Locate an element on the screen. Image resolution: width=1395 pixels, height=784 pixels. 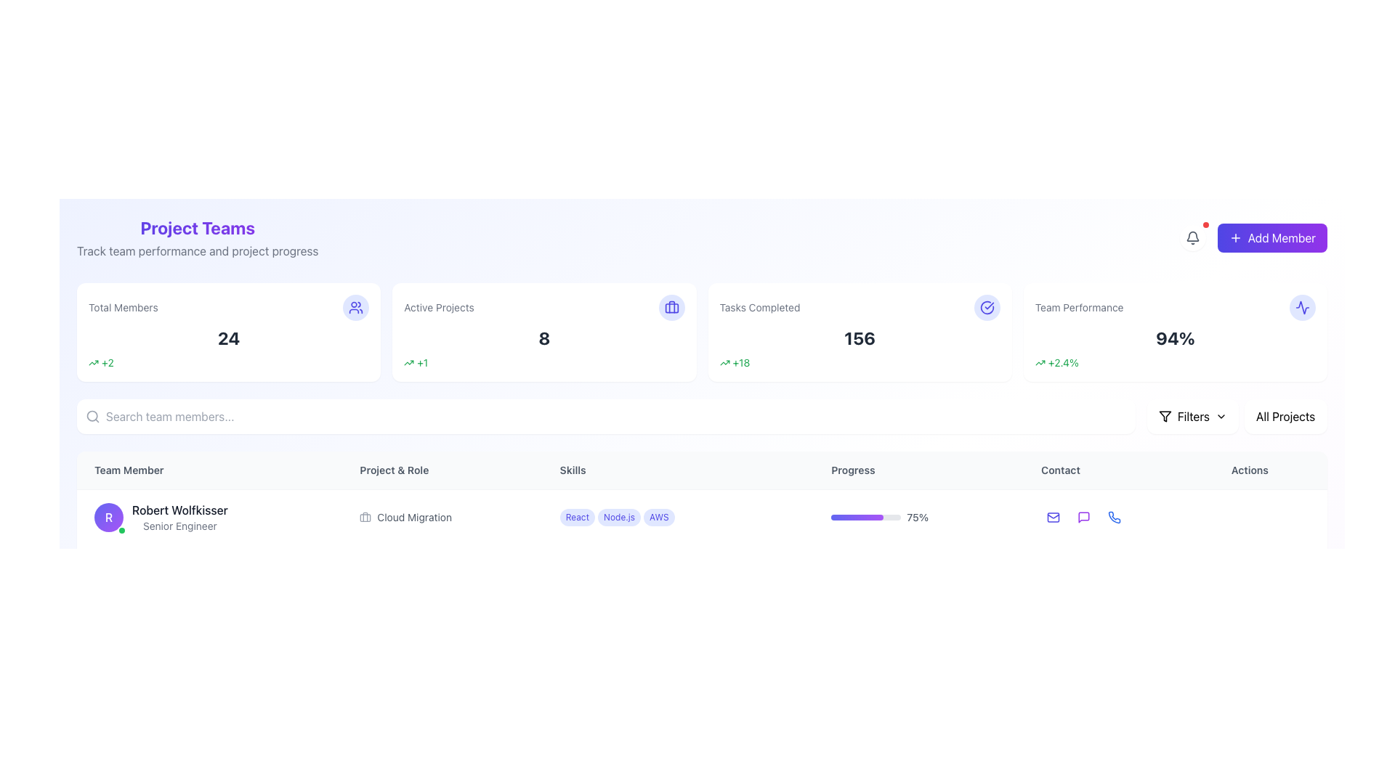
the bell-shaped notification icon located near the top-right corner of the interface is located at coordinates (1192, 237).